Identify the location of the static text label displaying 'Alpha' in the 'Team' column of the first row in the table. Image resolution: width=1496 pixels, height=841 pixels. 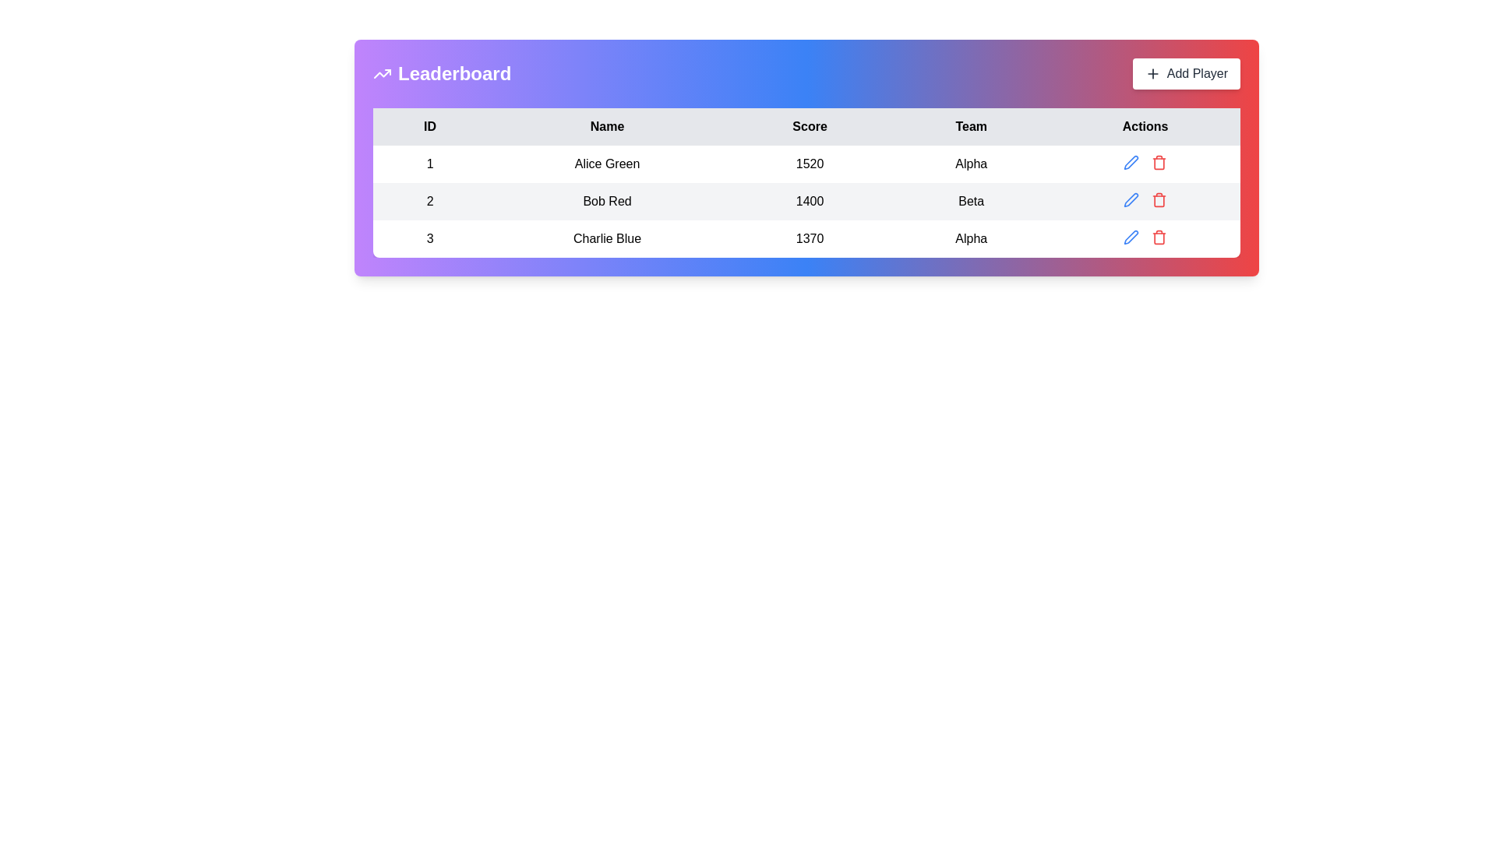
(970, 164).